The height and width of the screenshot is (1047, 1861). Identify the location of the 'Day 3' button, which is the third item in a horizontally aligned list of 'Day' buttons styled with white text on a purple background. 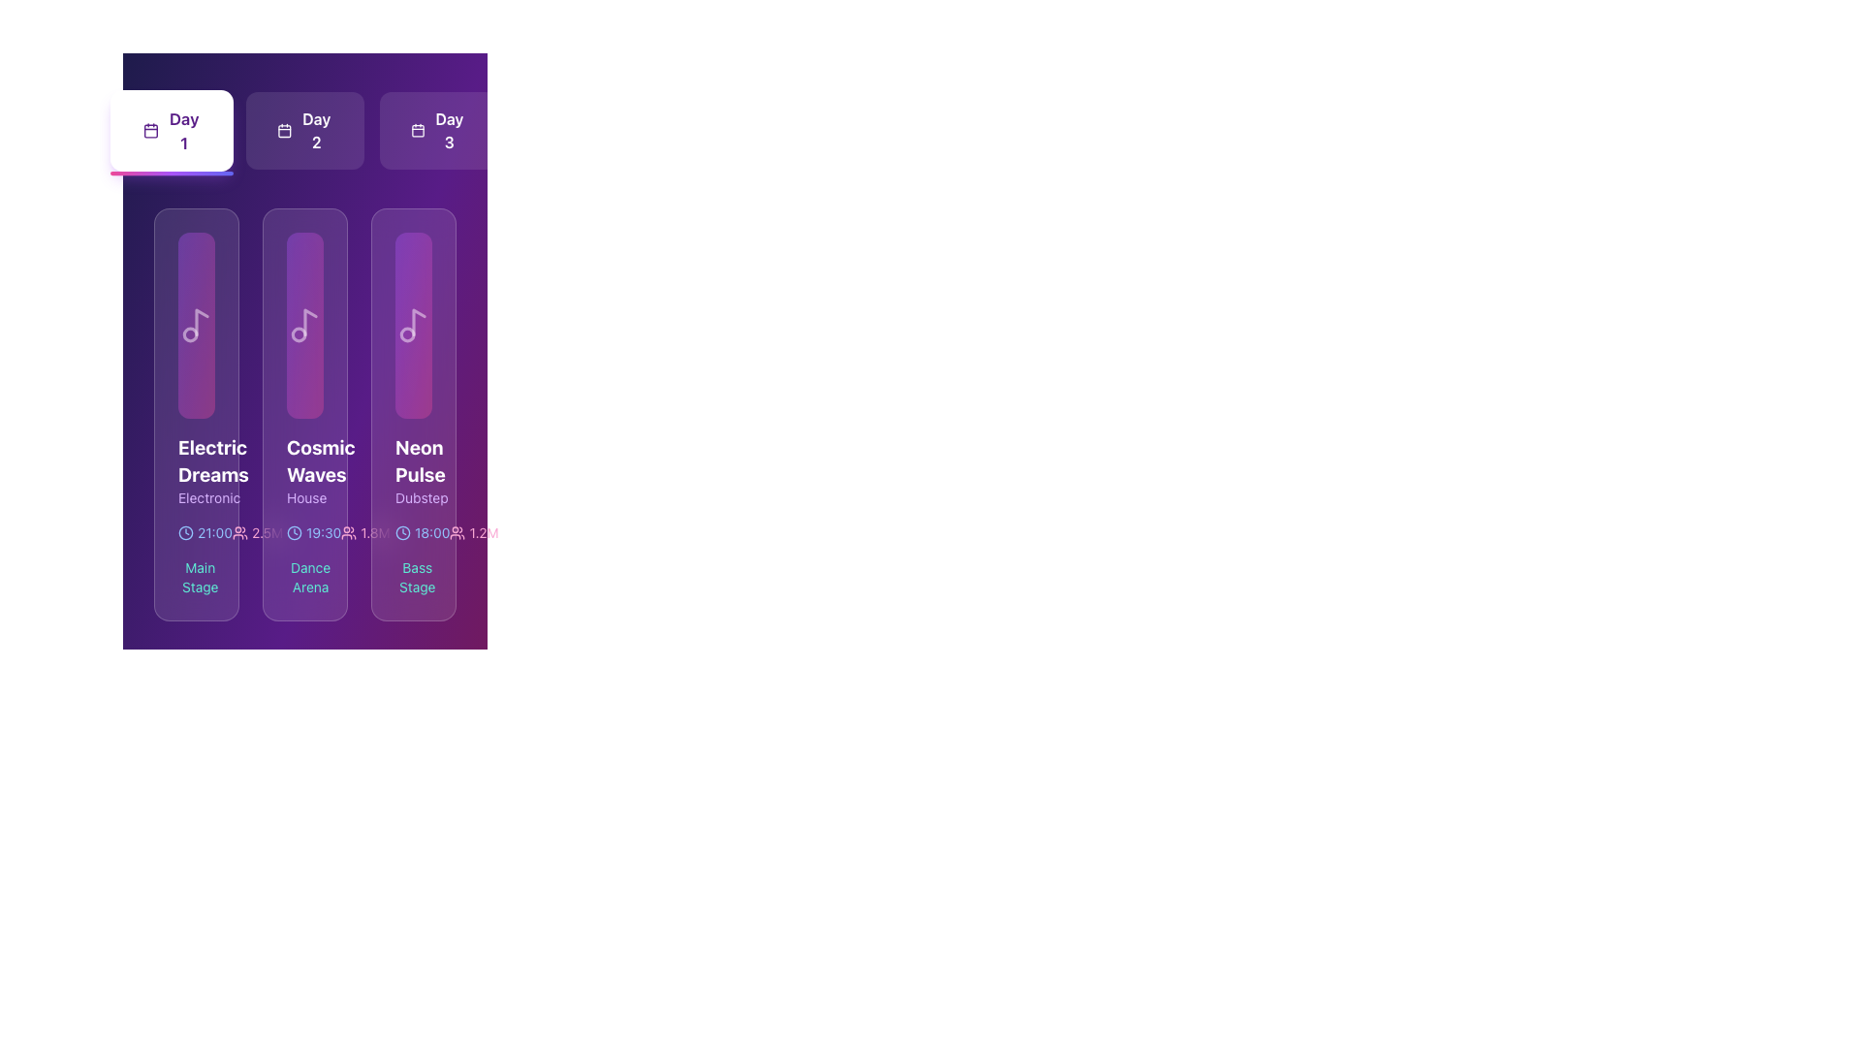
(448, 131).